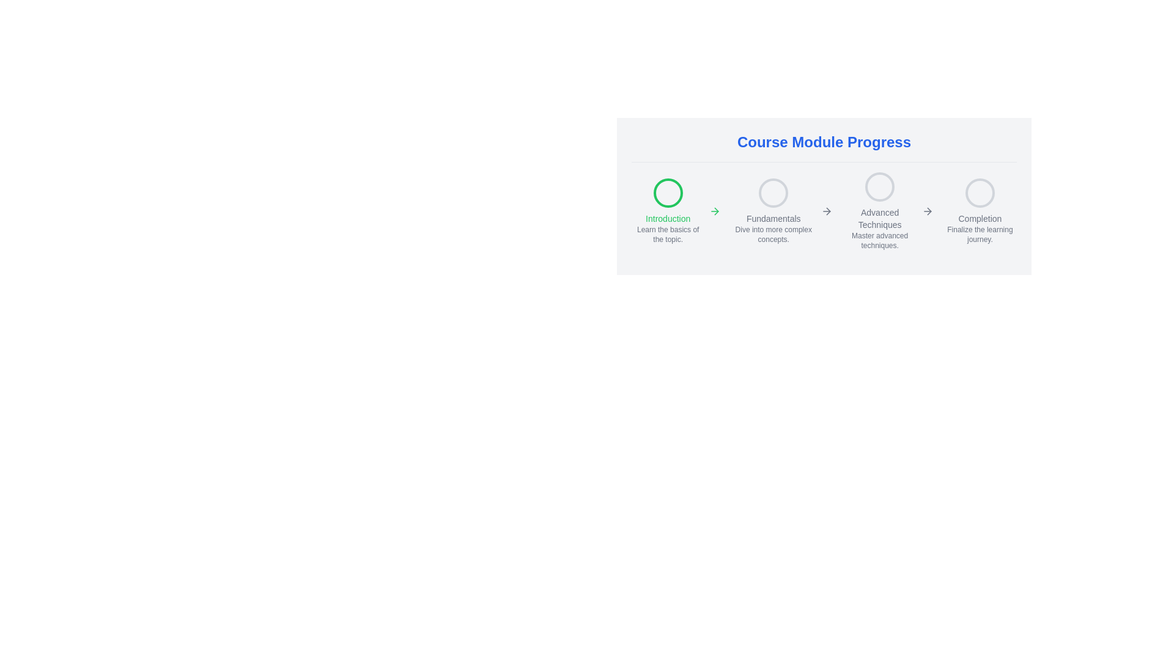  I want to click on the status represented by the visual indicator for the 'Introduction' module, which is located at the topmost position within the vertical layout group, so click(667, 193).